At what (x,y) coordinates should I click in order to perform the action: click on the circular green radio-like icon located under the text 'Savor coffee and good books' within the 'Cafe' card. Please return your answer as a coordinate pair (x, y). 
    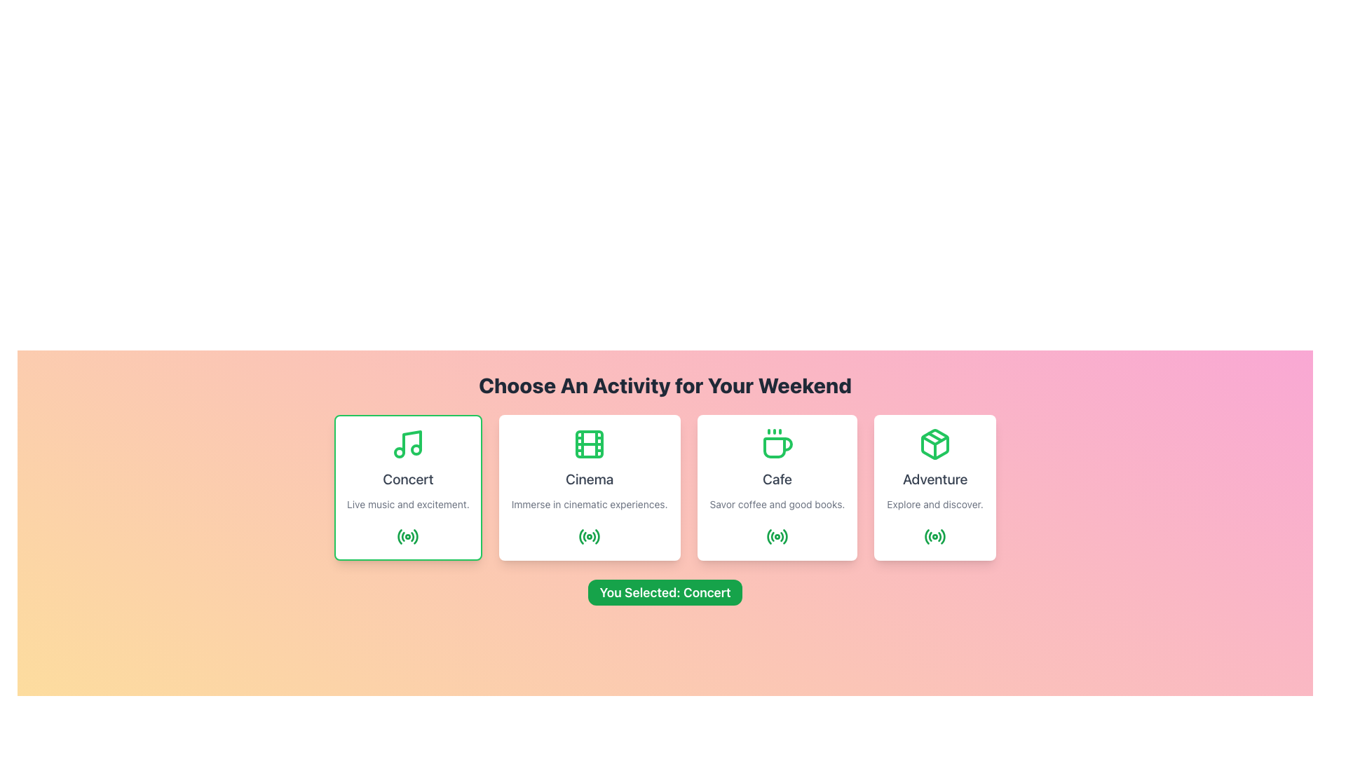
    Looking at the image, I should click on (776, 536).